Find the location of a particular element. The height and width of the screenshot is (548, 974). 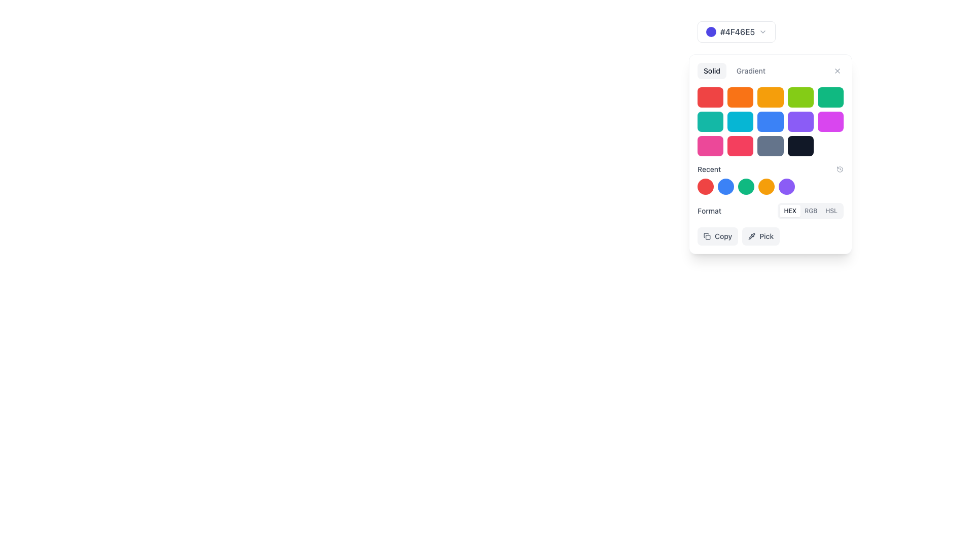

the text display showing '#4F46E5' to copy the color code is located at coordinates (738, 31).